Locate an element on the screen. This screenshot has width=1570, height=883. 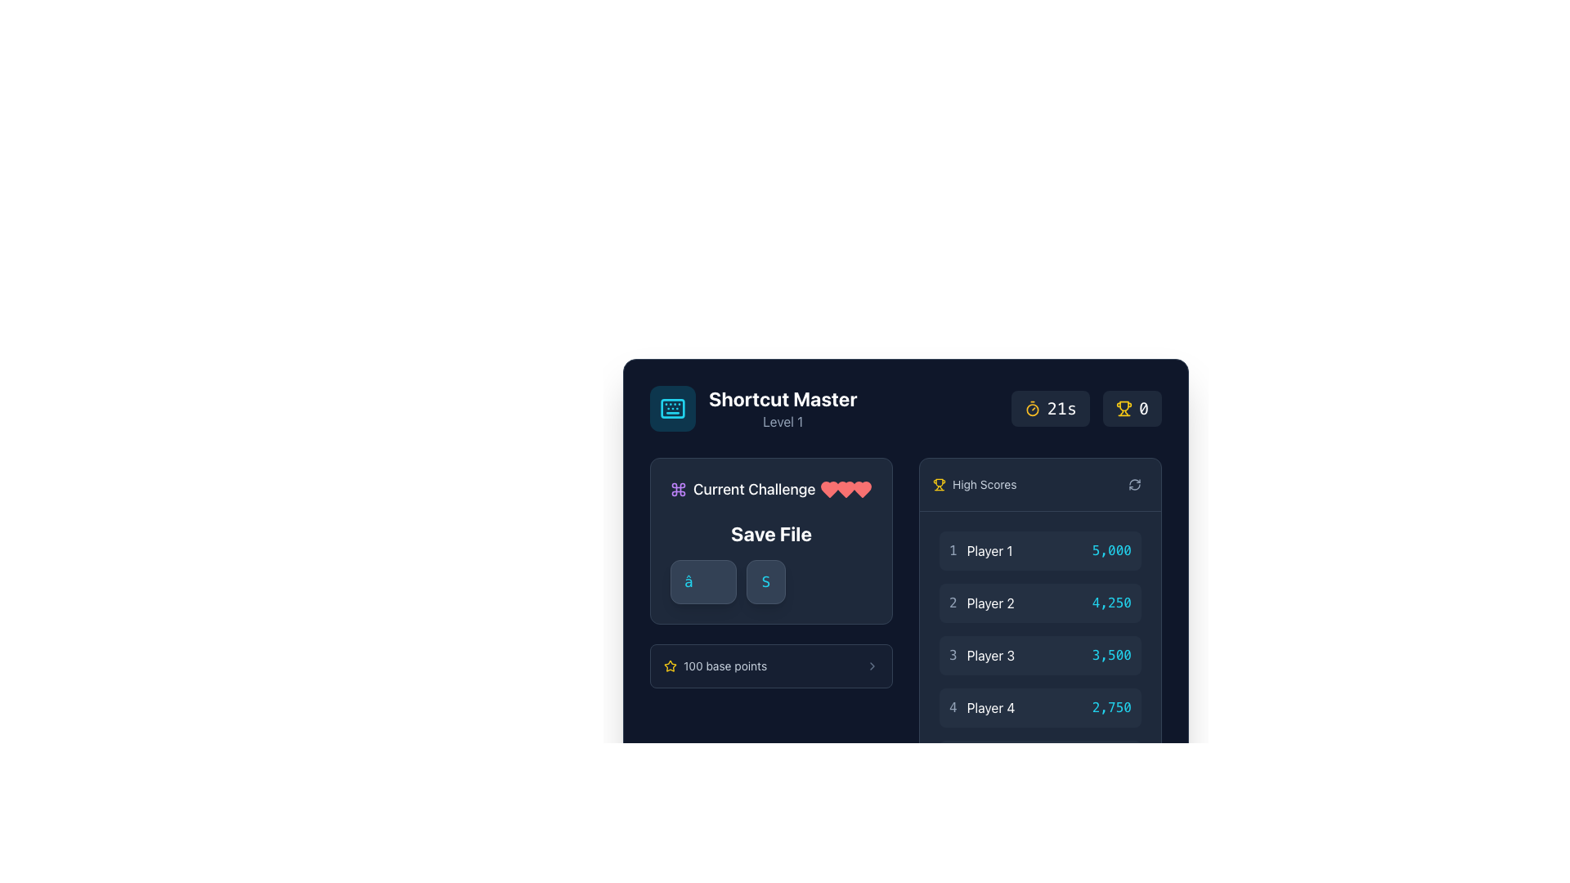
the text display component that shows the information about the player ranked second in the score leaderboard, located in the 'High Scores' section is located at coordinates (981, 603).